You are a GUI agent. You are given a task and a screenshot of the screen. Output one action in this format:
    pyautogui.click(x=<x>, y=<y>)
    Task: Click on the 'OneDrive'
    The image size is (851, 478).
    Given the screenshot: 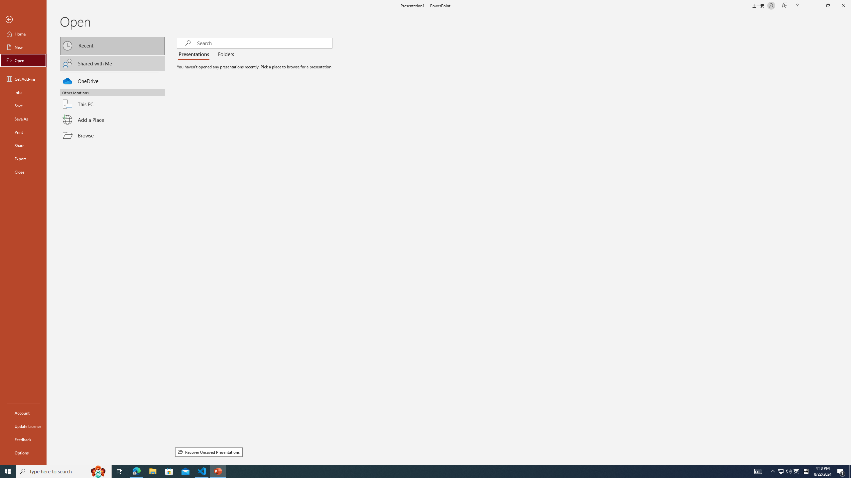 What is the action you would take?
    pyautogui.click(x=112, y=80)
    